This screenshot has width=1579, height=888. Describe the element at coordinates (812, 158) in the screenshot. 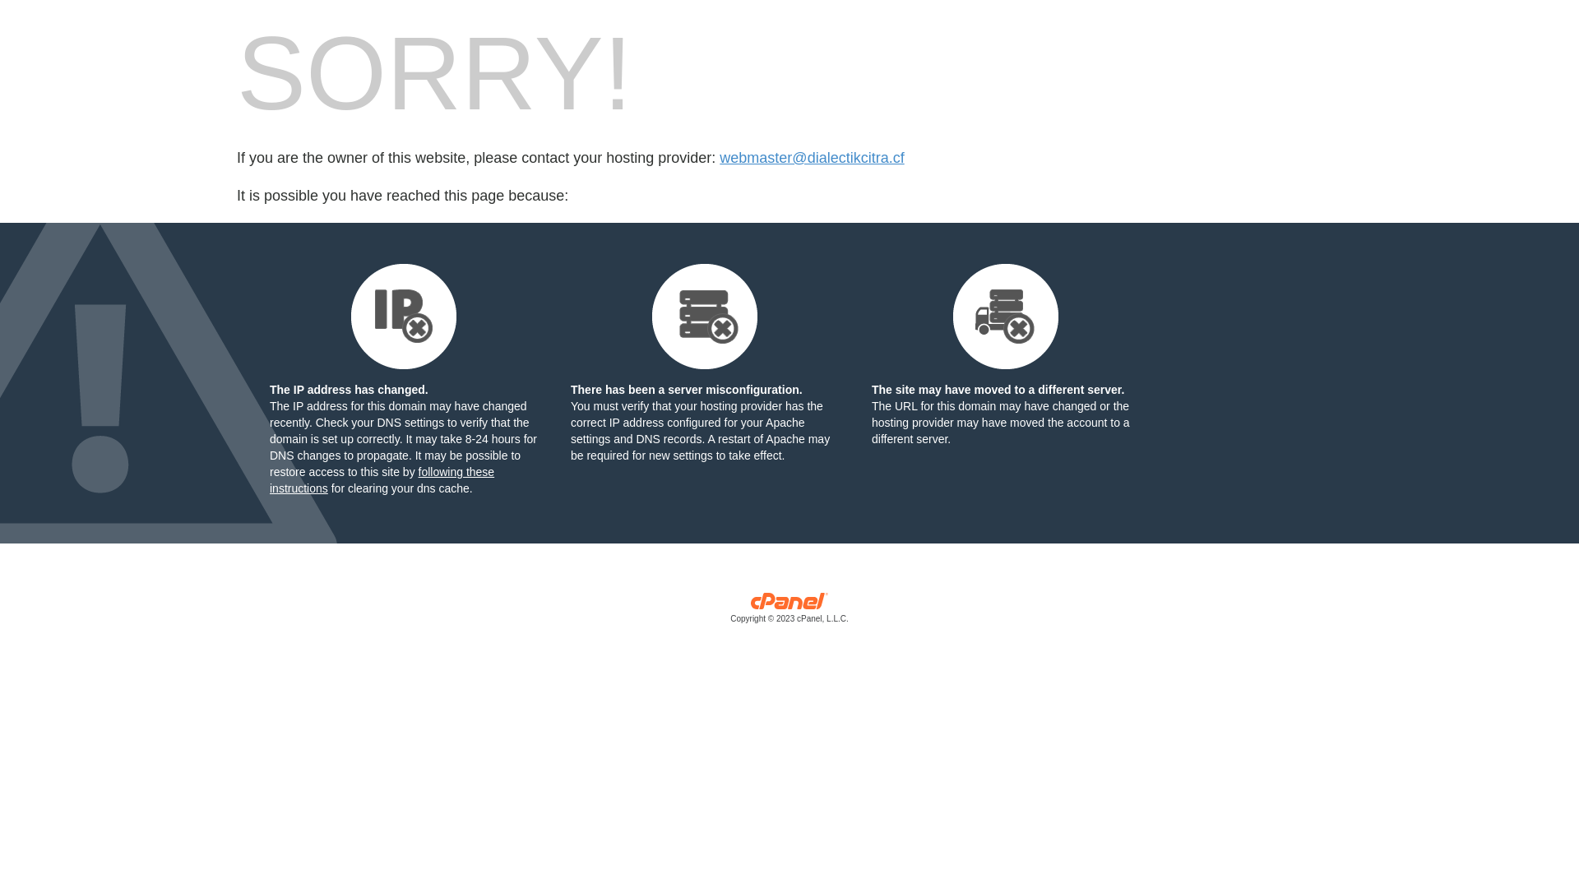

I see `'webmaster@dialectikcitra.cf'` at that location.